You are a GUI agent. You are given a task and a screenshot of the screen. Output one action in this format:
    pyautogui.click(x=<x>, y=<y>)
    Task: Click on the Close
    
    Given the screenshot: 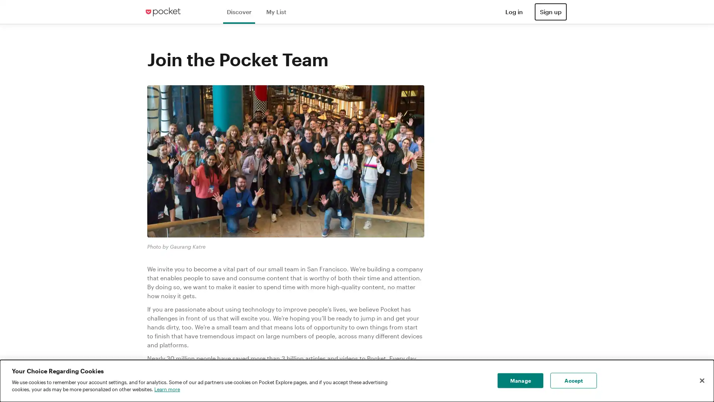 What is the action you would take?
    pyautogui.click(x=701, y=380)
    